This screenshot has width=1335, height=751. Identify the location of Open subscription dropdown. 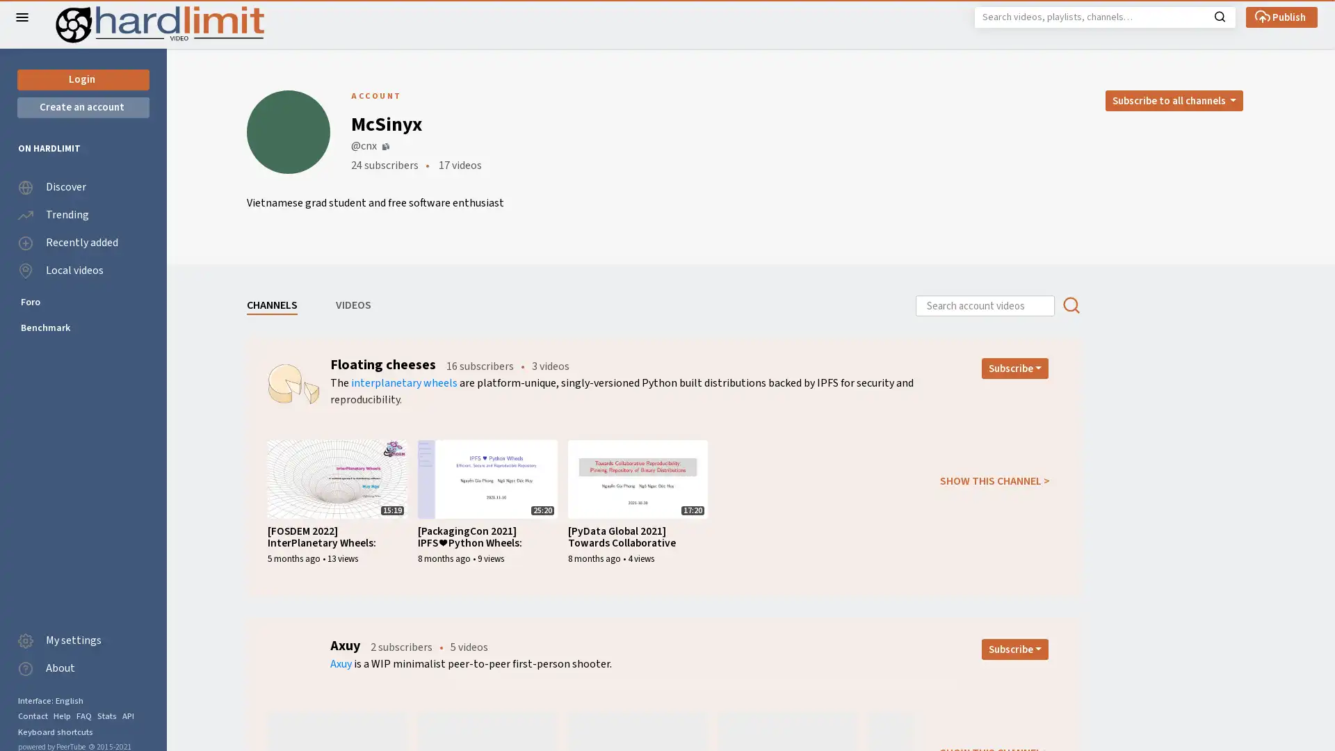
(1173, 100).